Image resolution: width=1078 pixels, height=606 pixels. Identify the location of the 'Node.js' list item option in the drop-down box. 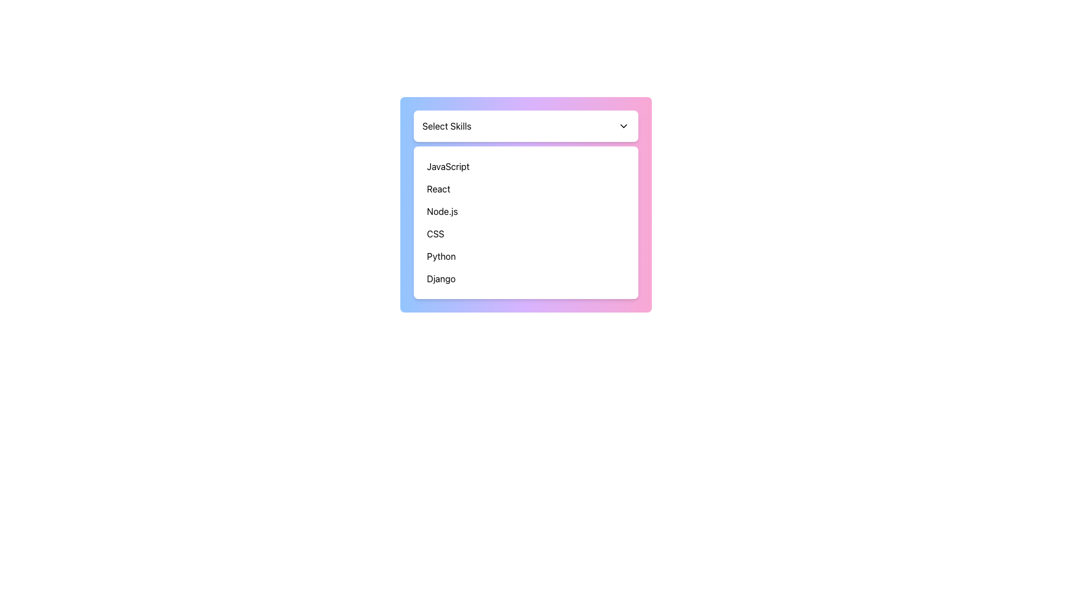
(525, 212).